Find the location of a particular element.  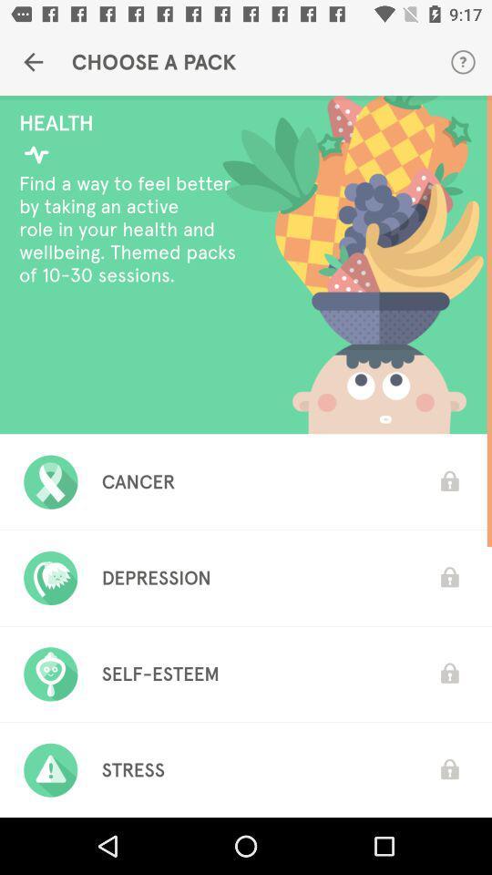

item next to the choose a pack is located at coordinates (463, 62).